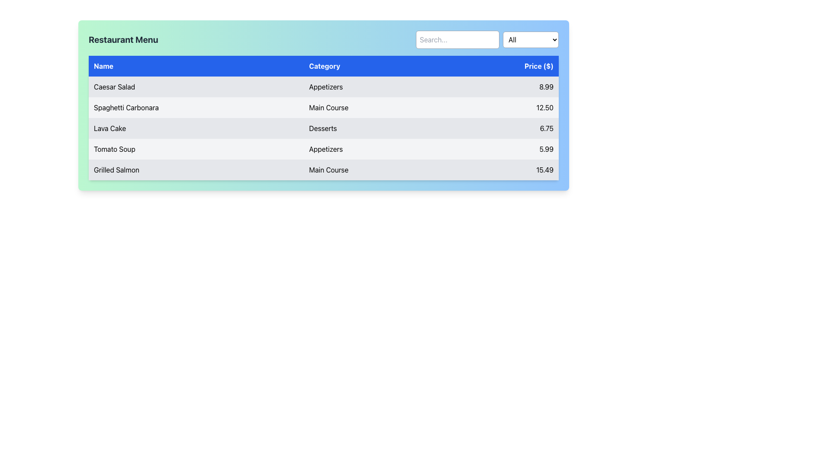 The image size is (831, 467). I want to click on the second row of the menu table, which displays the details of the dish including its name, category, and price, so click(323, 107).